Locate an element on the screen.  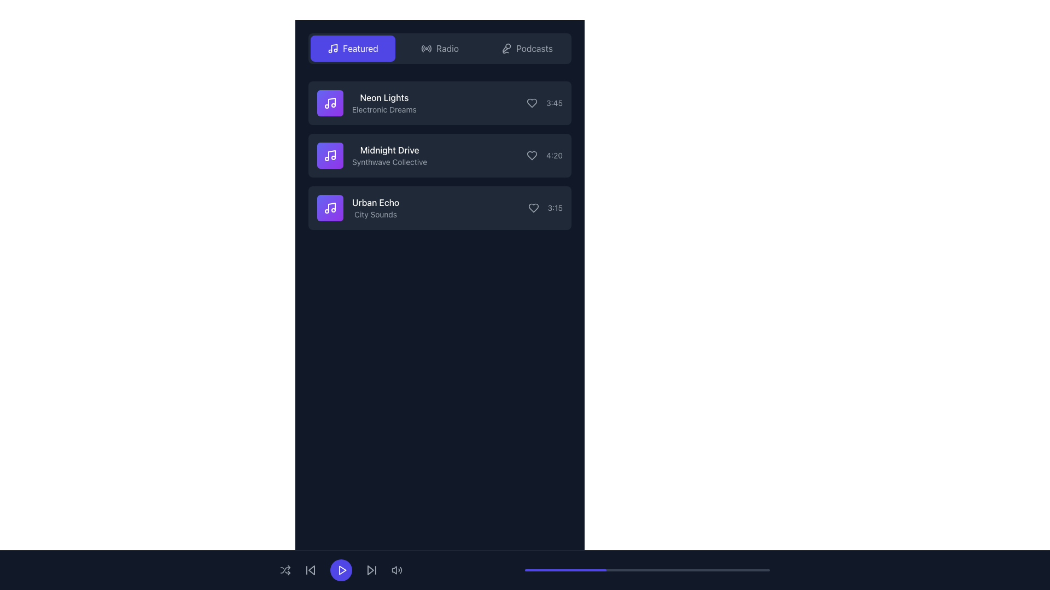
the leftmost square icon with a purple gradient background and a white music note symbol, located next to the text 'Urban Echo' in the playlist section is located at coordinates (330, 208).